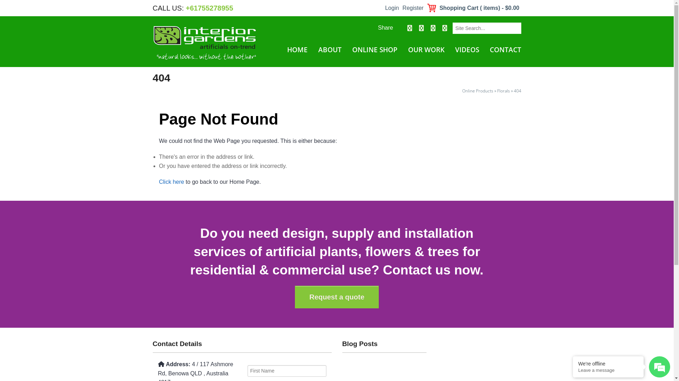 Image resolution: width=679 pixels, height=381 pixels. Describe the element at coordinates (504, 49) in the screenshot. I see `'CONTACT'` at that location.